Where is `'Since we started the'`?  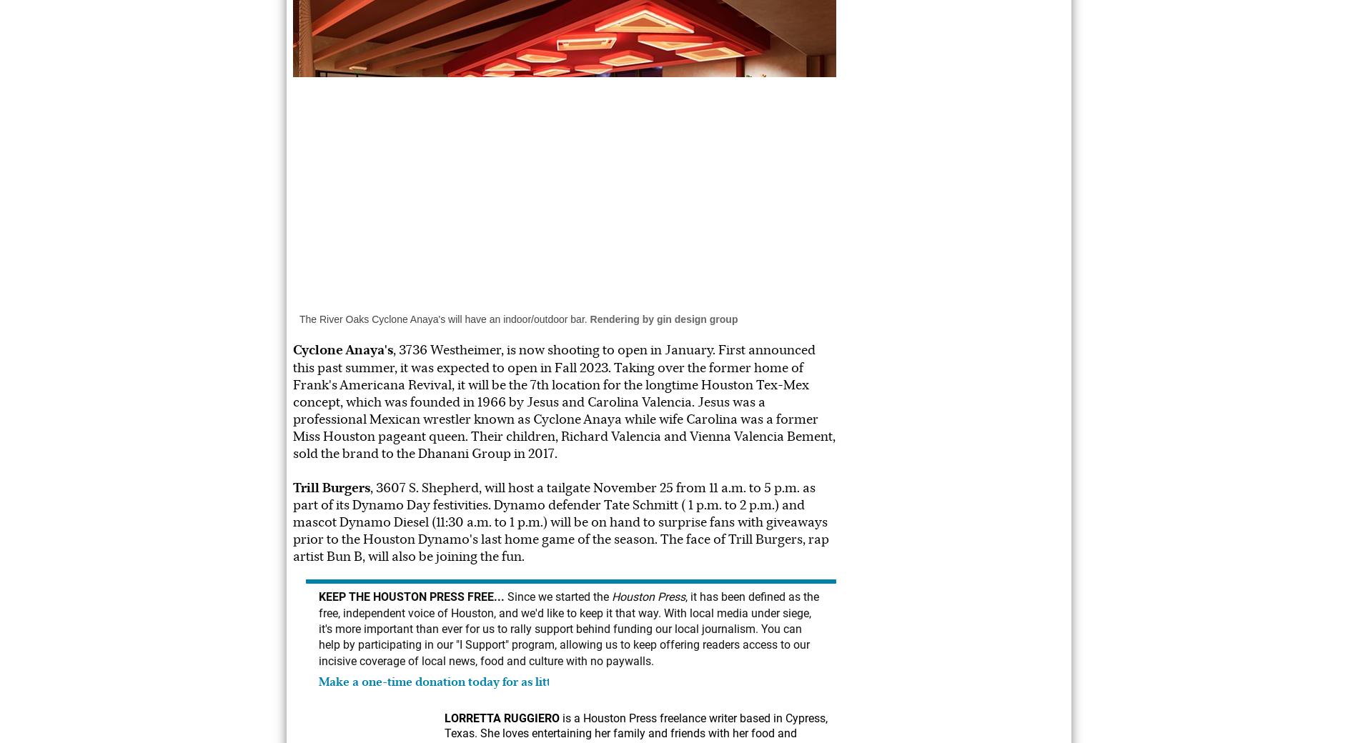
'Since we started the' is located at coordinates (557, 596).